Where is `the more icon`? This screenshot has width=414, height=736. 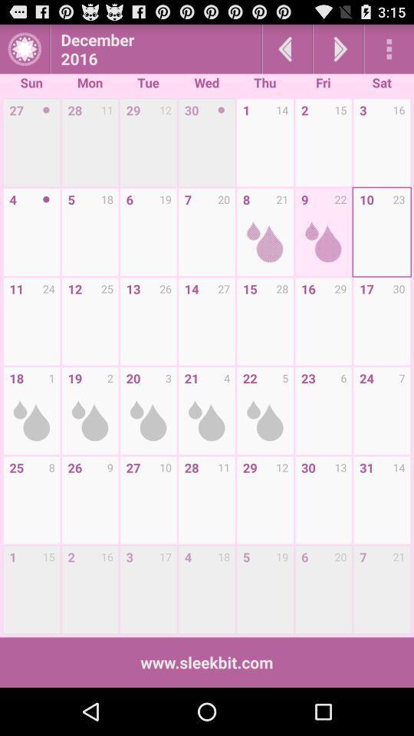
the more icon is located at coordinates (389, 52).